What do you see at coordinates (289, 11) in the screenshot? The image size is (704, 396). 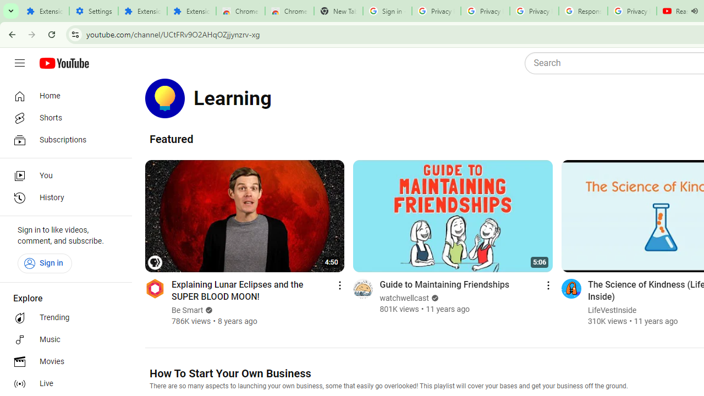 I see `'Chrome Web Store - Themes'` at bounding box center [289, 11].